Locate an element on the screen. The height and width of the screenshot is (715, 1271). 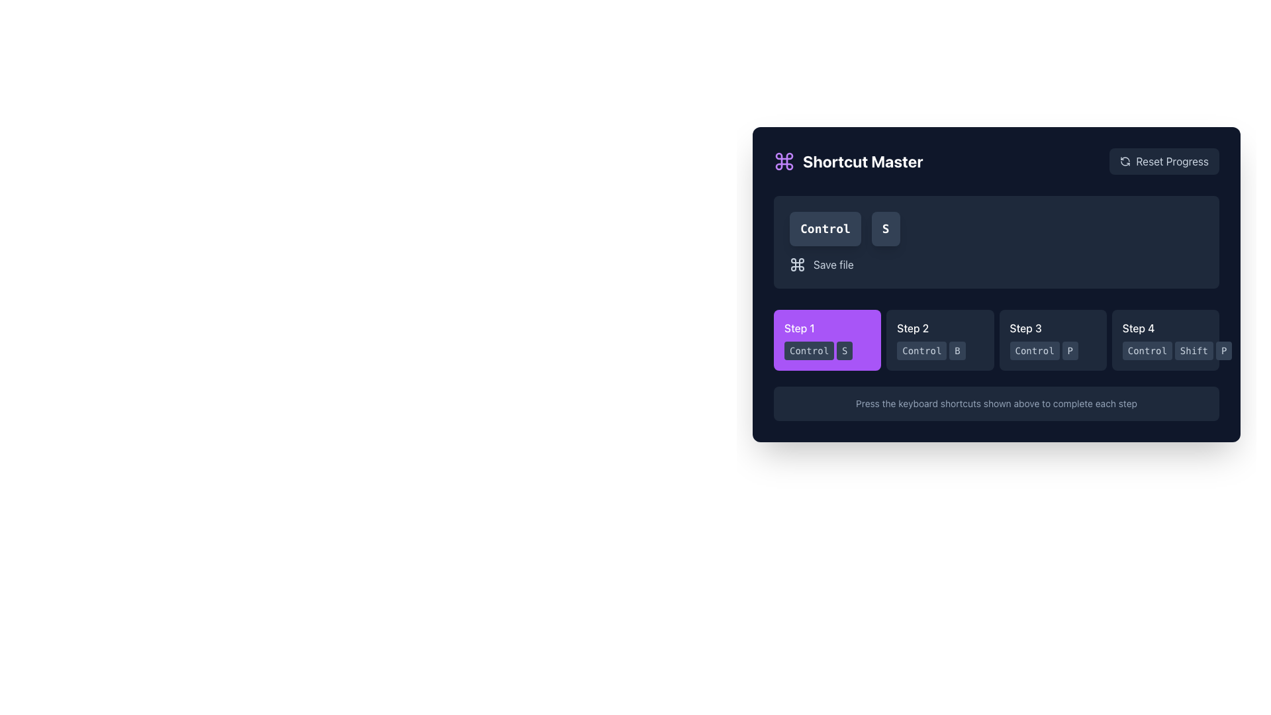
the purple 'Command' symbol icon located to the left of the text 'Shortcut Master' in the 'Shortcut Master' section is located at coordinates (784, 160).